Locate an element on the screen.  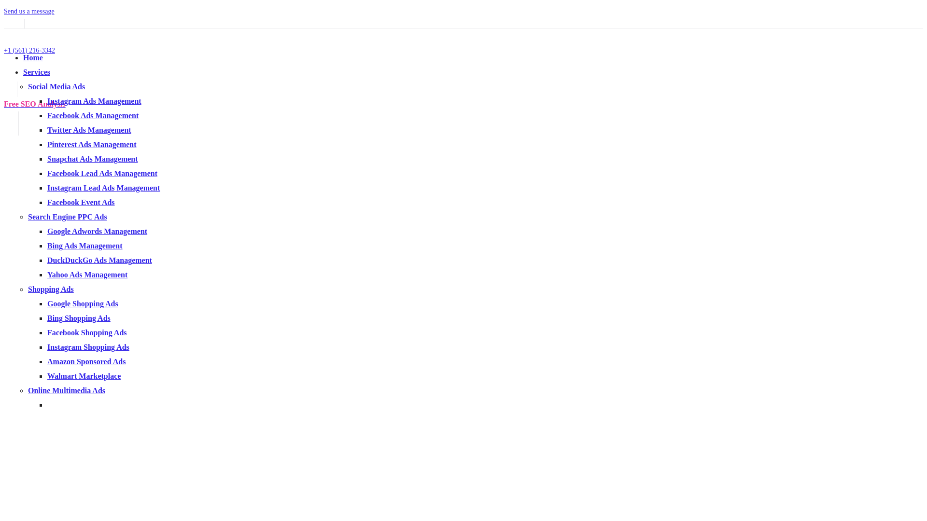
'Search Engine PPC Ads' is located at coordinates (28, 216).